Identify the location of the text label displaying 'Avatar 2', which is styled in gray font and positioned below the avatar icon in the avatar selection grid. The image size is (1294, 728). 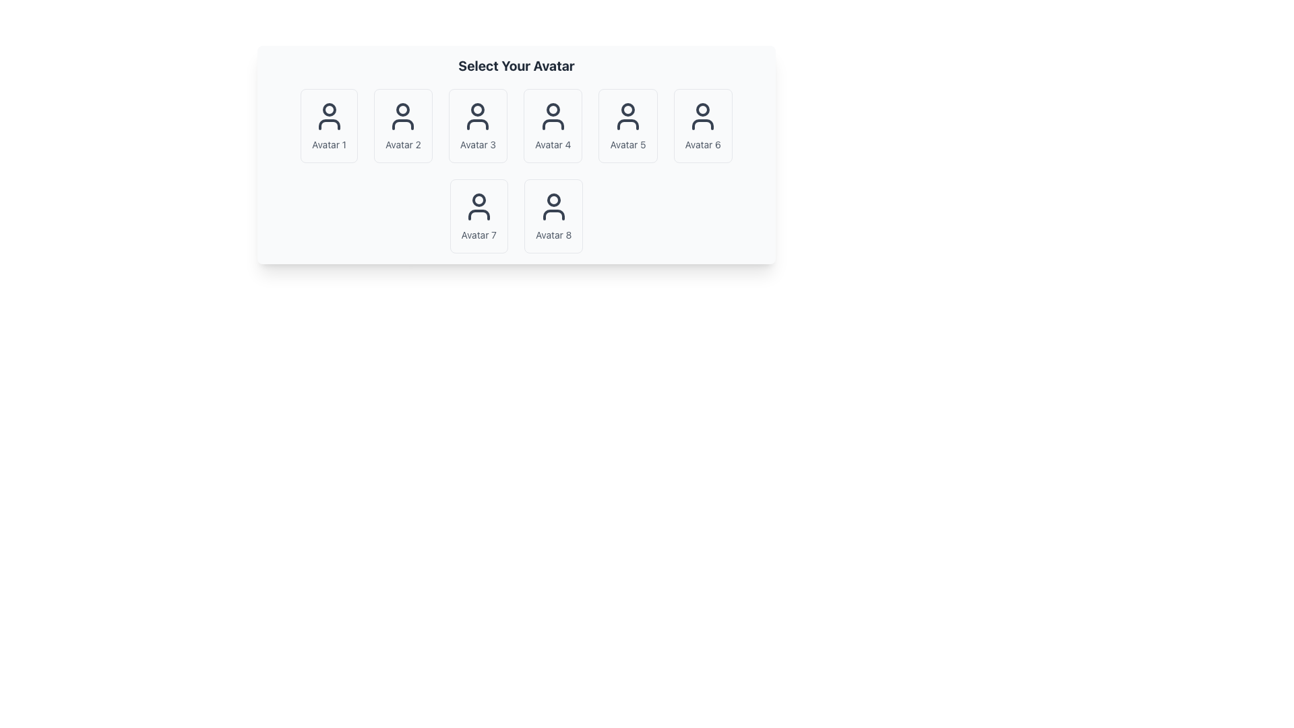
(402, 145).